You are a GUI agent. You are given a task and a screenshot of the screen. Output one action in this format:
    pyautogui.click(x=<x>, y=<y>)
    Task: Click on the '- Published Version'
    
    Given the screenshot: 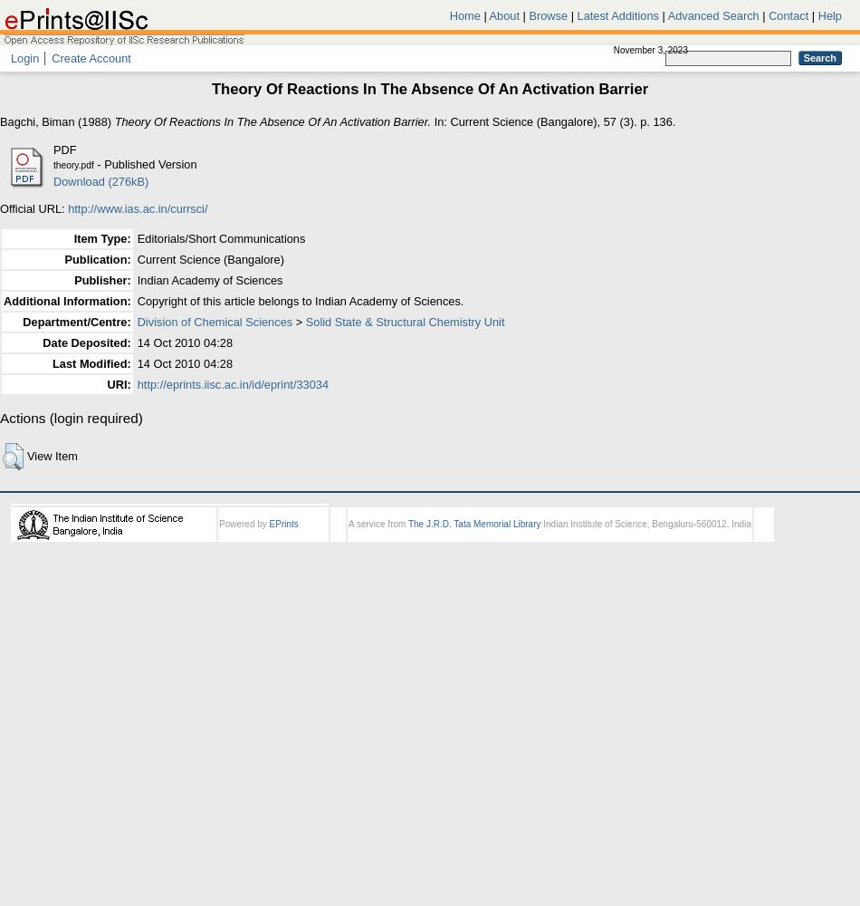 What is the action you would take?
    pyautogui.click(x=144, y=163)
    